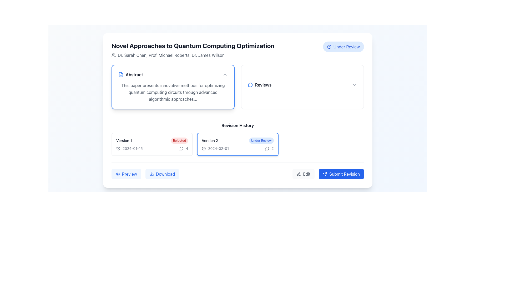 This screenshot has height=284, width=505. Describe the element at coordinates (204, 148) in the screenshot. I see `the circular refresh icon styled in gray lines, located to the left of the text '2024-02-01' within the 'Version 2' section of the 'Revision History' area` at that location.